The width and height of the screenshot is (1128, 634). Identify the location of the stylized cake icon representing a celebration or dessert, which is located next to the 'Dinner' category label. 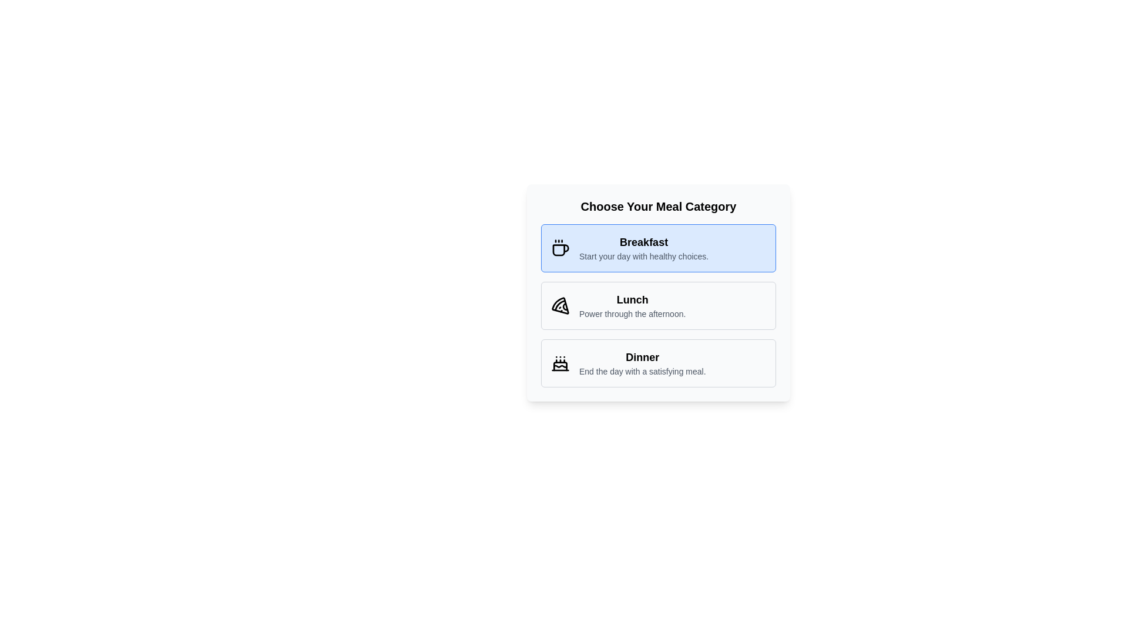
(560, 362).